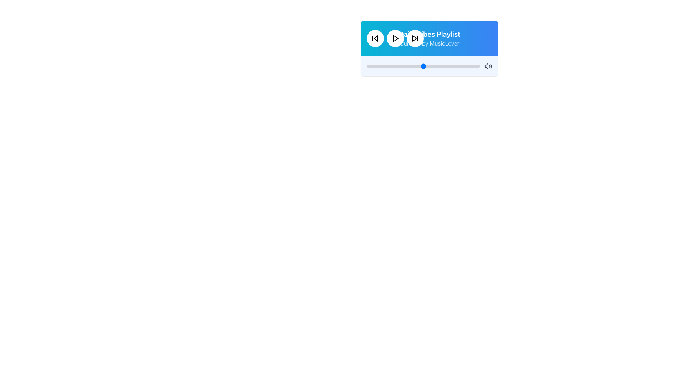 Image resolution: width=685 pixels, height=385 pixels. I want to click on slider value, so click(413, 66).